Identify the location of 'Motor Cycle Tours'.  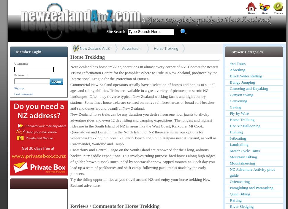
(245, 151).